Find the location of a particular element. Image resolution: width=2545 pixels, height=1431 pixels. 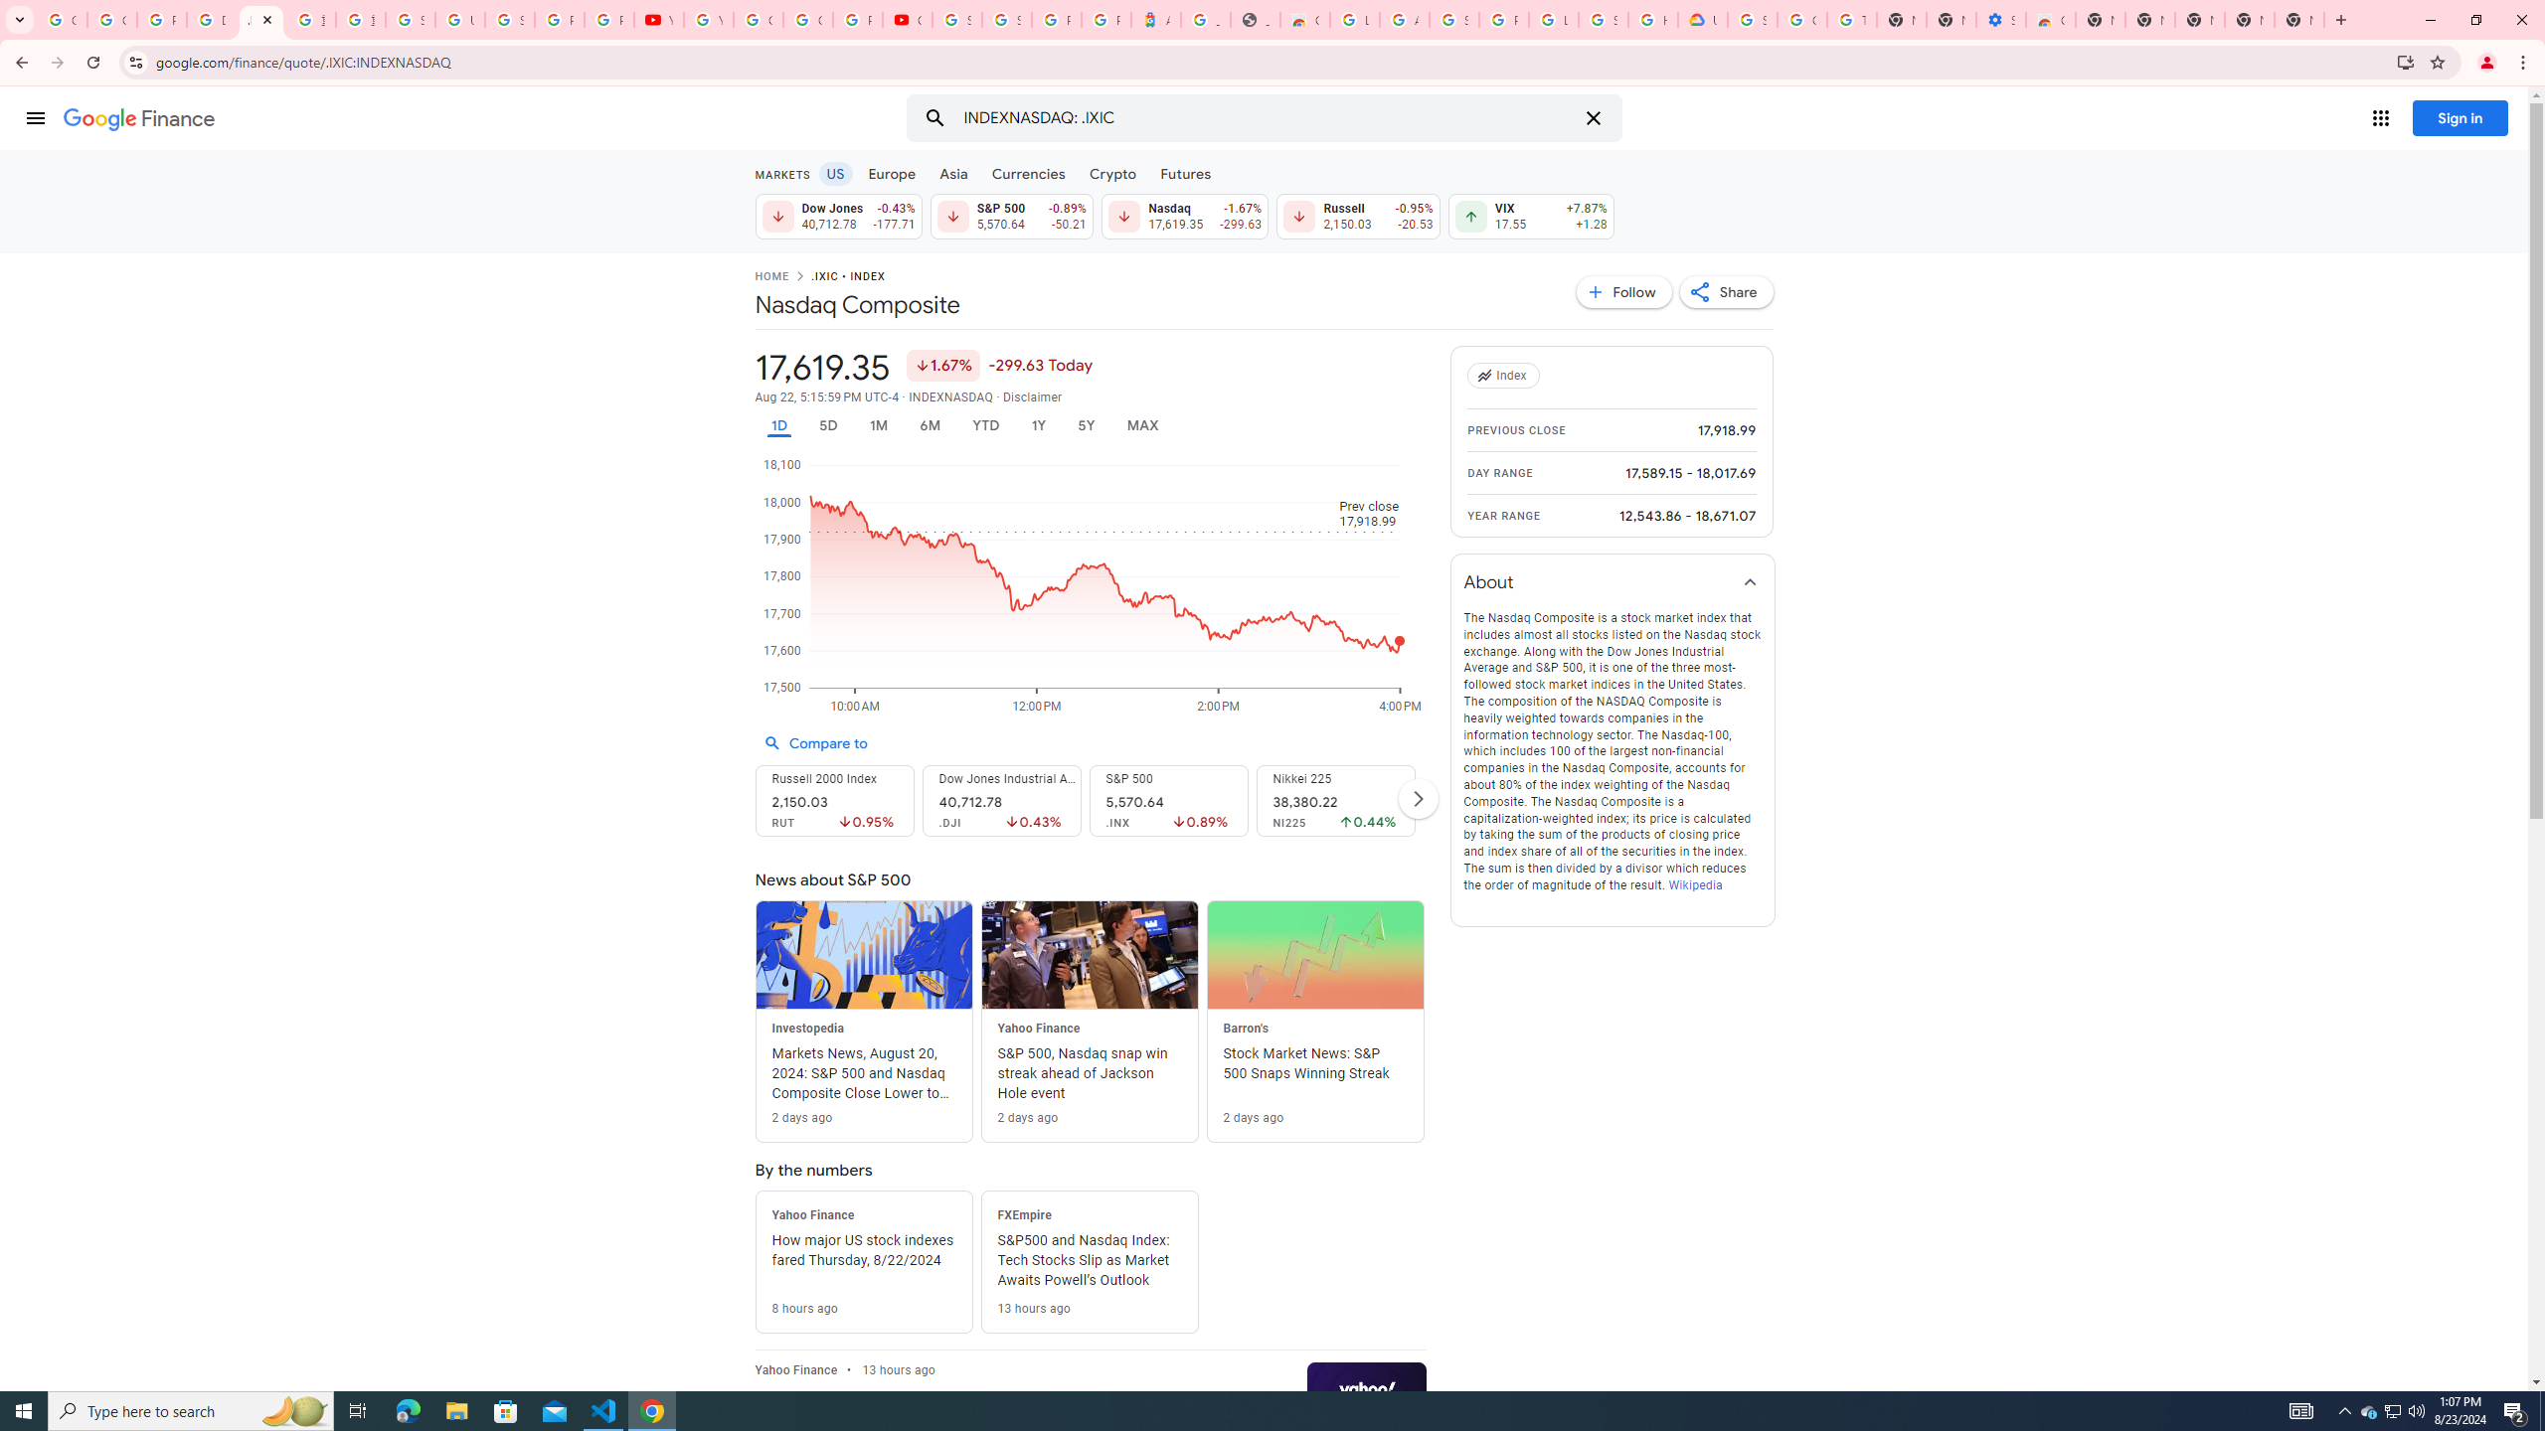

'Settings - Accessibility' is located at coordinates (2001, 19).